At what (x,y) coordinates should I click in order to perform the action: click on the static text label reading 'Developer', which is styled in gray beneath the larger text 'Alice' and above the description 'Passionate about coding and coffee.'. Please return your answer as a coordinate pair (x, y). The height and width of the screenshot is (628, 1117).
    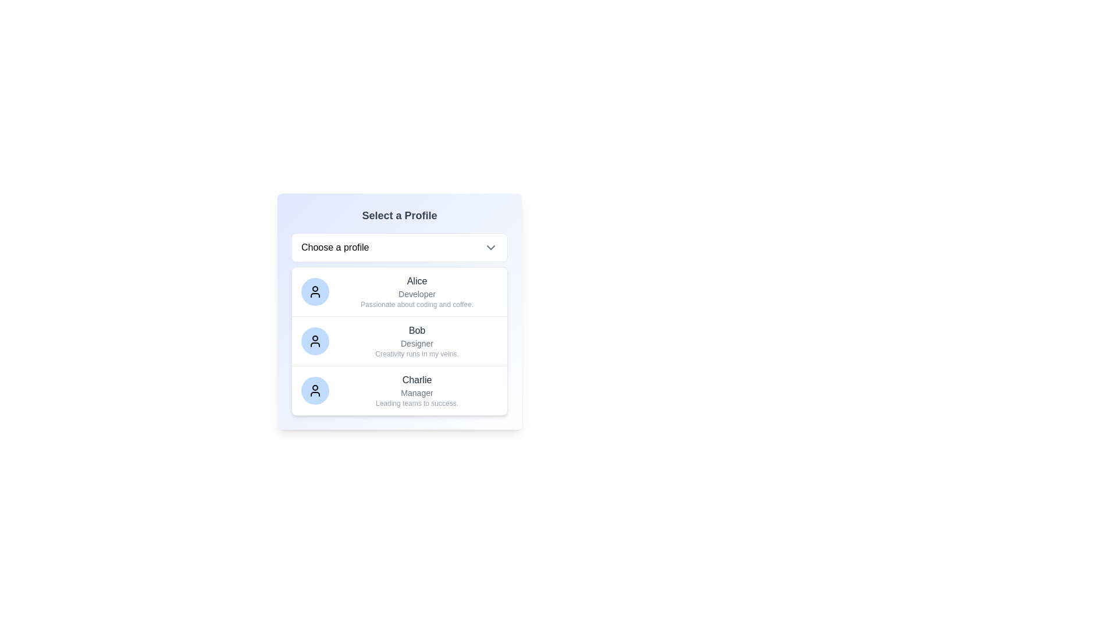
    Looking at the image, I should click on (417, 293).